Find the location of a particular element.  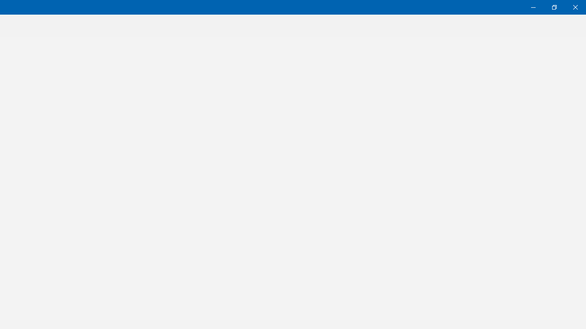

'Close Weather' is located at coordinates (575, 7).